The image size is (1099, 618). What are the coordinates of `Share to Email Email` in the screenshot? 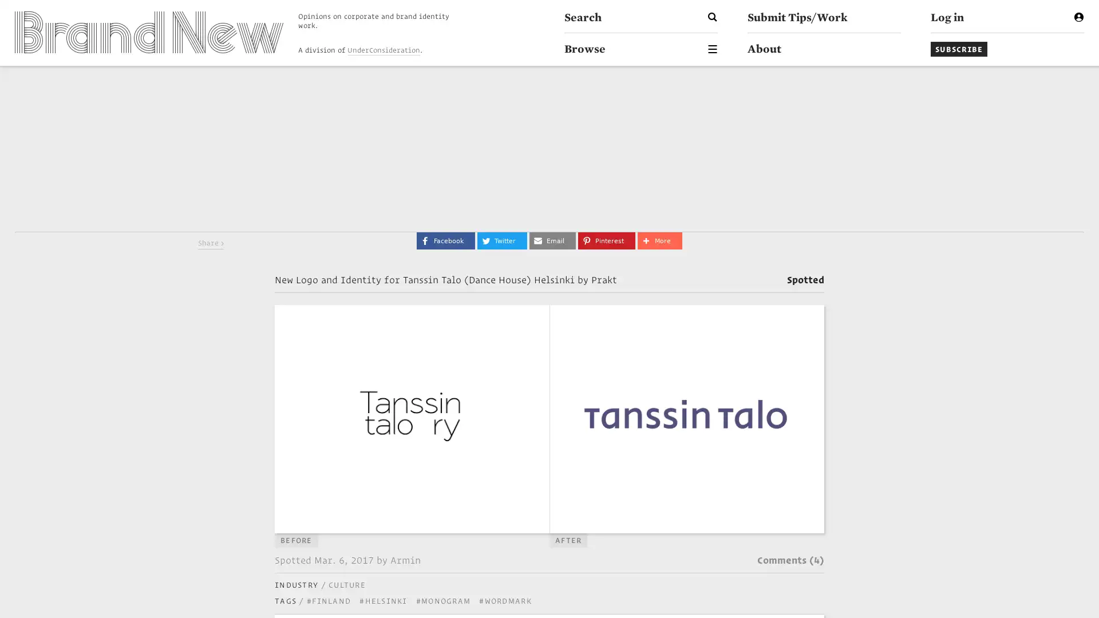 It's located at (552, 240).